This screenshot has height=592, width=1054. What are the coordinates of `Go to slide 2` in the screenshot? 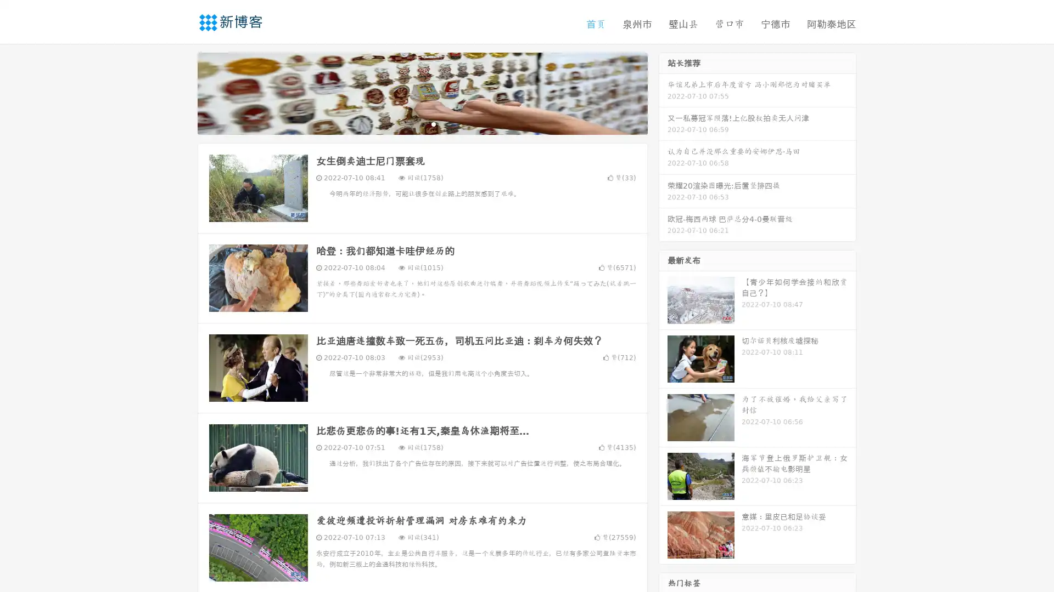 It's located at (422, 123).